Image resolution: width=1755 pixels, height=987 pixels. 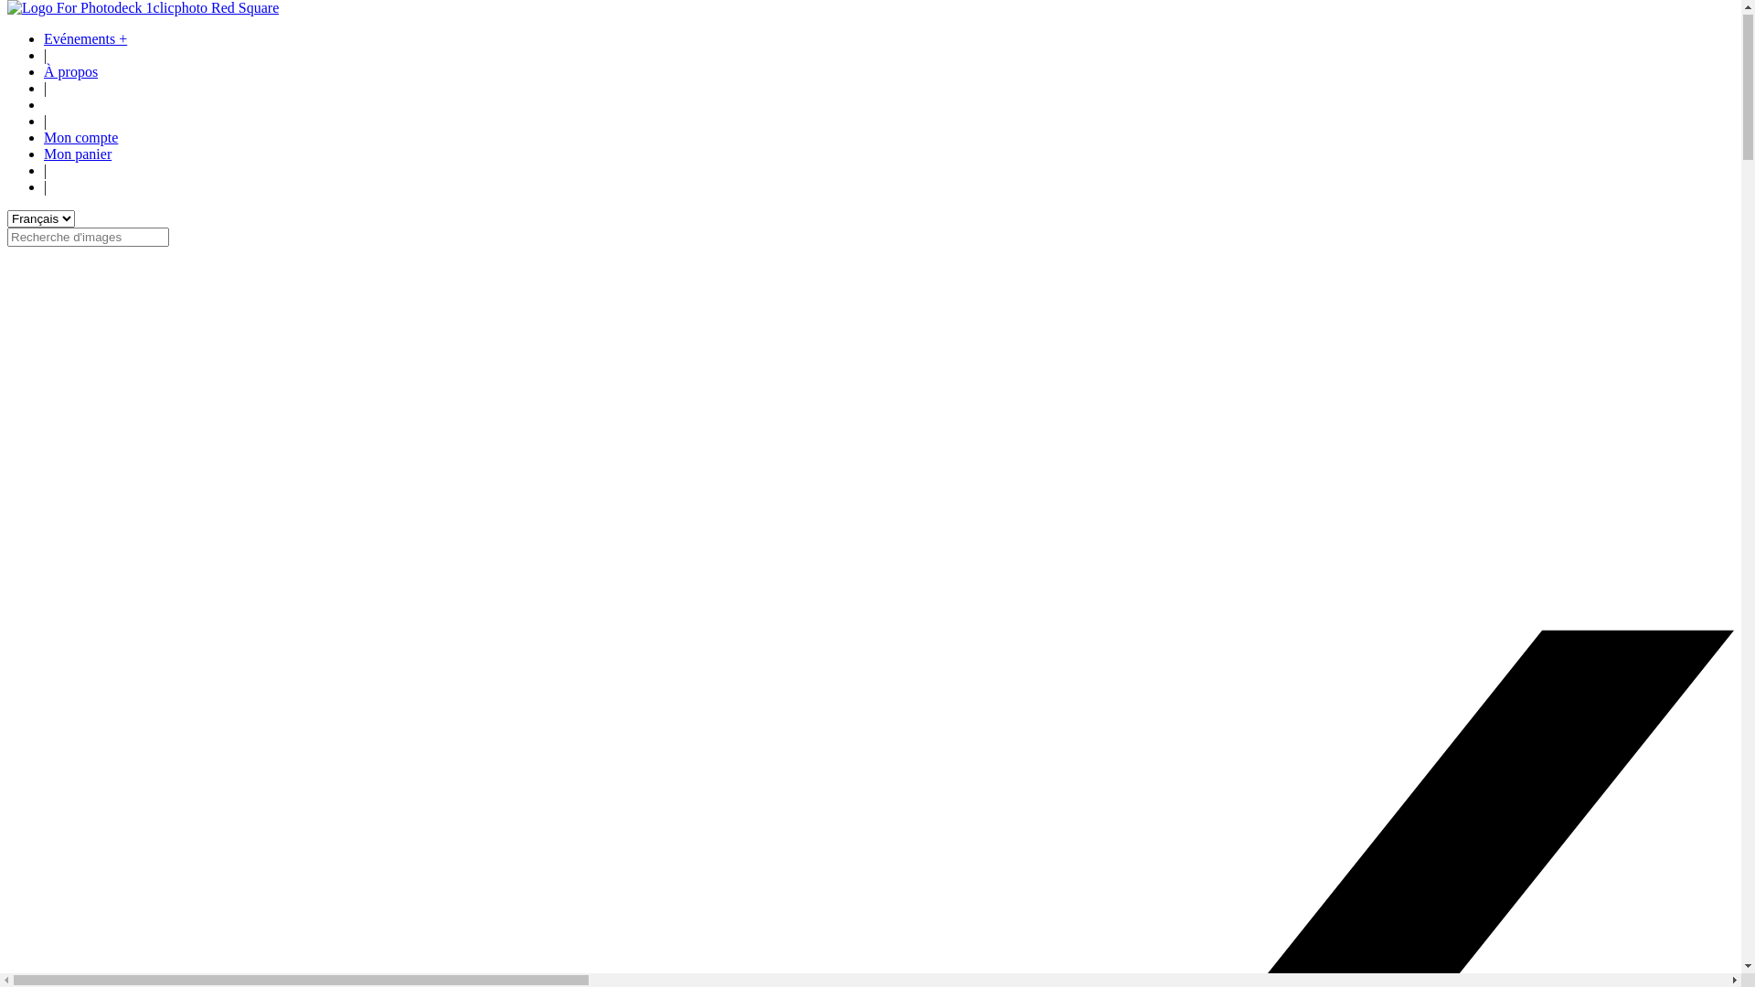 I want to click on 'Mon compte', so click(x=80, y=143).